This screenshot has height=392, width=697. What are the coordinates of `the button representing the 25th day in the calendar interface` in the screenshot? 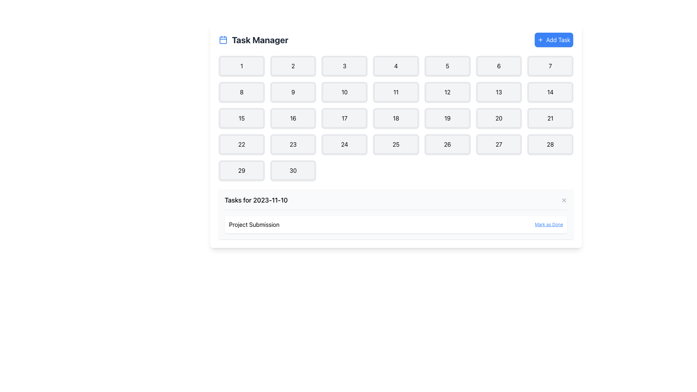 It's located at (395, 144).